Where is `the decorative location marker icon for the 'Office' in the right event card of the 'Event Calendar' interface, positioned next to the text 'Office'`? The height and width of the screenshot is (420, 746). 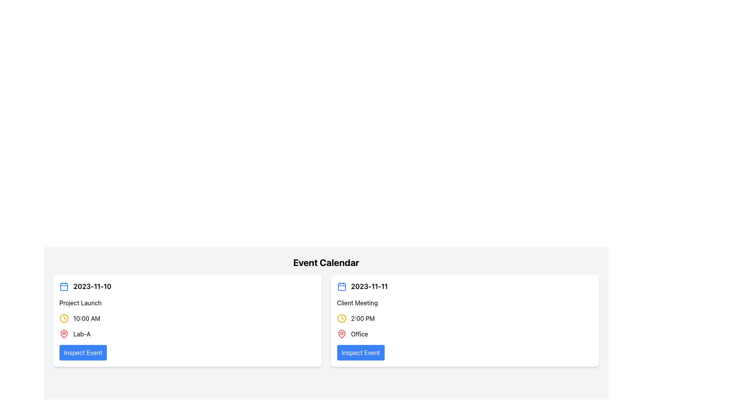
the decorative location marker icon for the 'Office' in the right event card of the 'Event Calendar' interface, positioned next to the text 'Office' is located at coordinates (342, 334).